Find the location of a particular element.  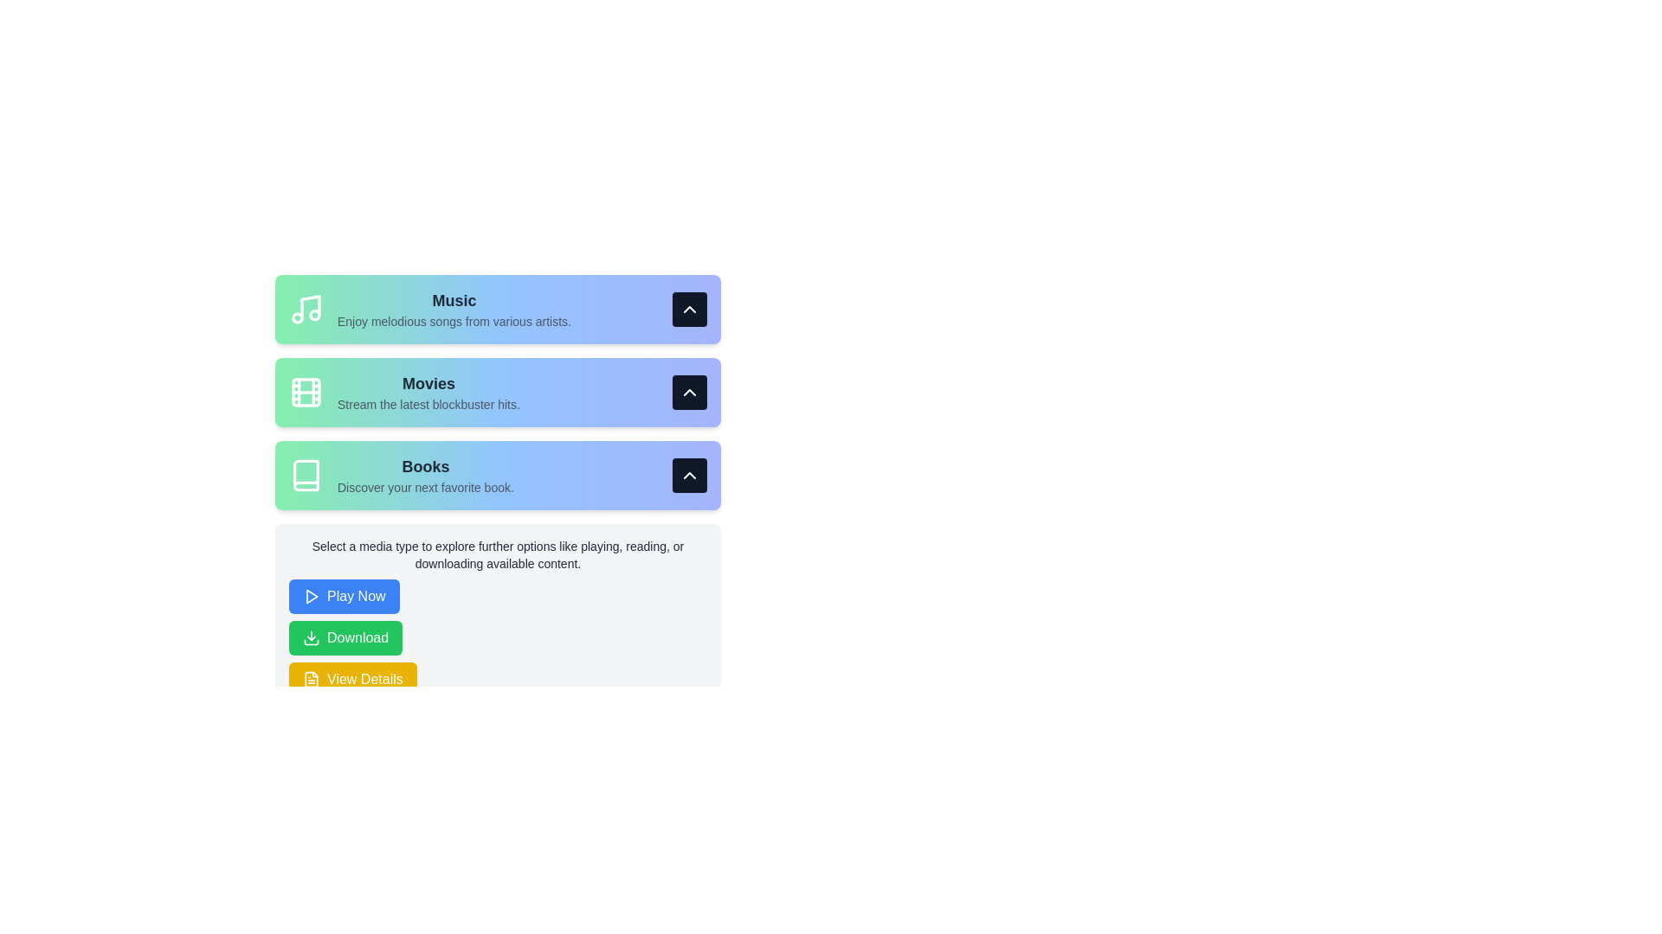

the 'Music' icon, which is the first icon on the left side of the 'Music' card, positioned in the upper section of the interface is located at coordinates (306, 309).